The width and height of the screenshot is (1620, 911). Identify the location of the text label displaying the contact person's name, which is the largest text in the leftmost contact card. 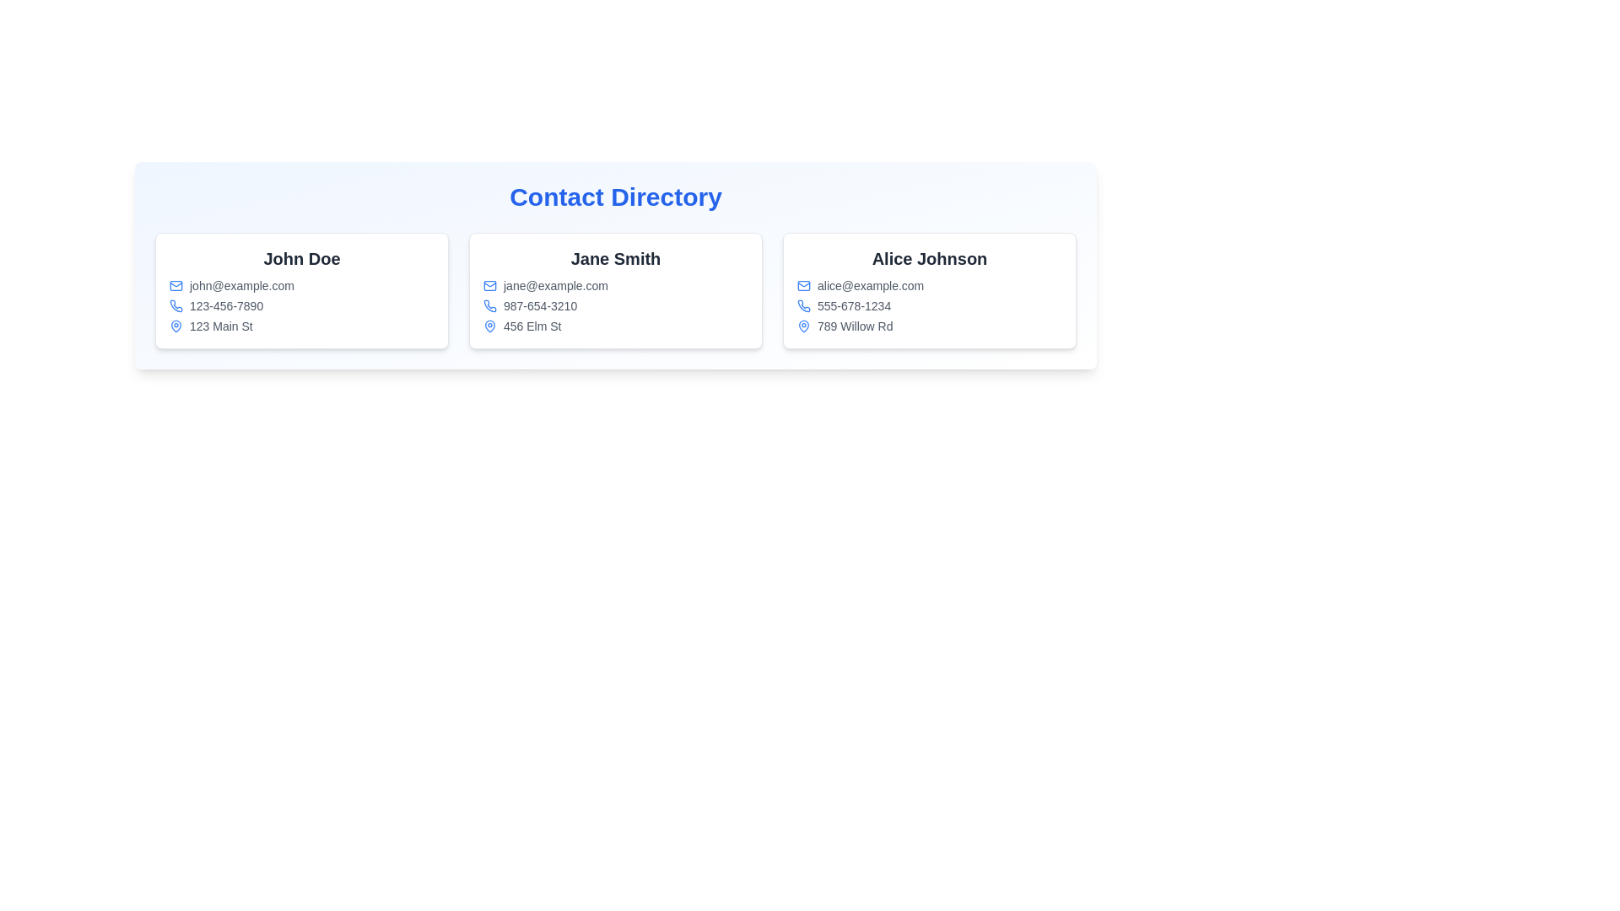
(302, 259).